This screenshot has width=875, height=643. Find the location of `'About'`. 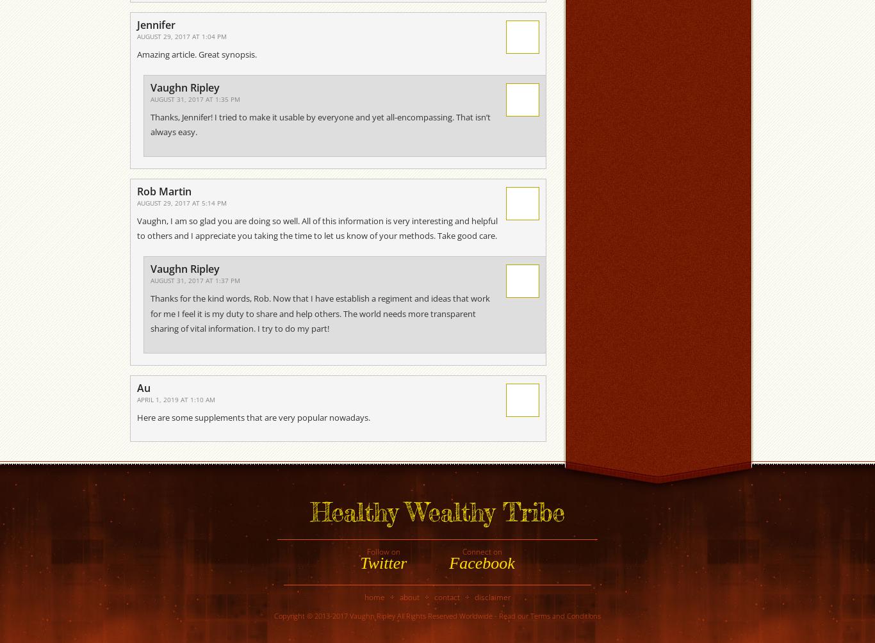

'About' is located at coordinates (408, 596).